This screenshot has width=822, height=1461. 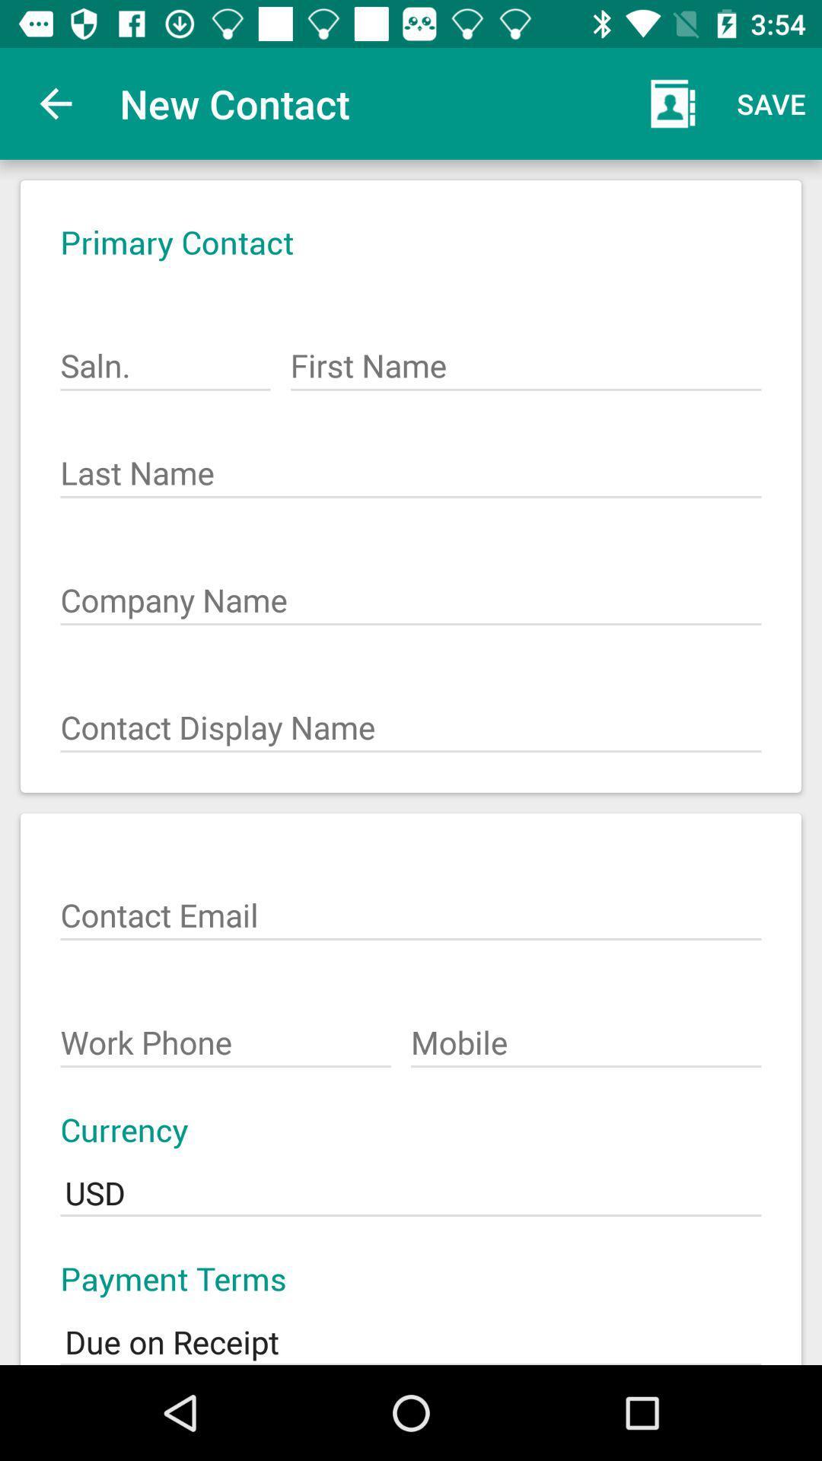 I want to click on the item above the currency, so click(x=585, y=1035).